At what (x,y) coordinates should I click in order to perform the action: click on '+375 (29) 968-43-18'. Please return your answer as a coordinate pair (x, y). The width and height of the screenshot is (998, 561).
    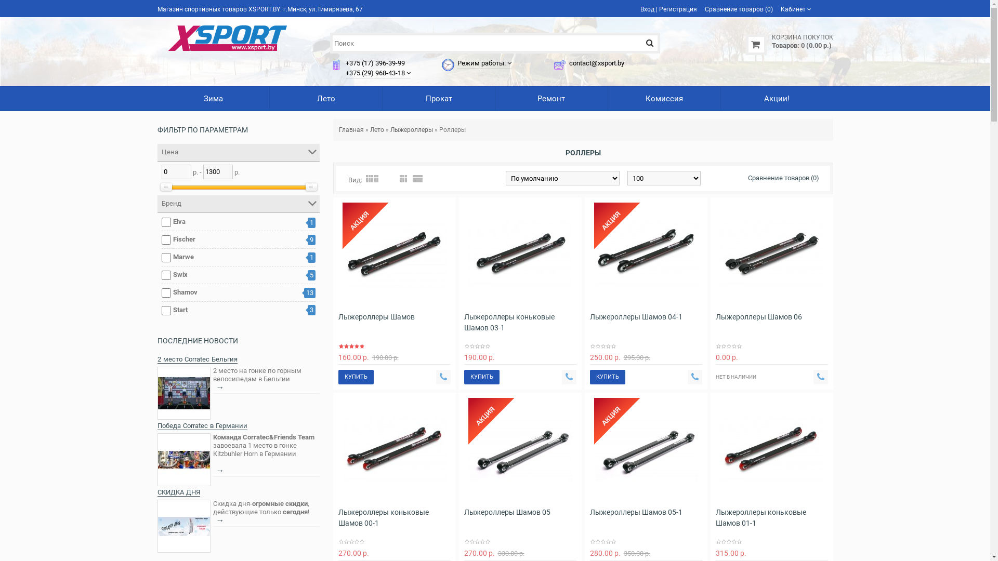
    Looking at the image, I should click on (374, 72).